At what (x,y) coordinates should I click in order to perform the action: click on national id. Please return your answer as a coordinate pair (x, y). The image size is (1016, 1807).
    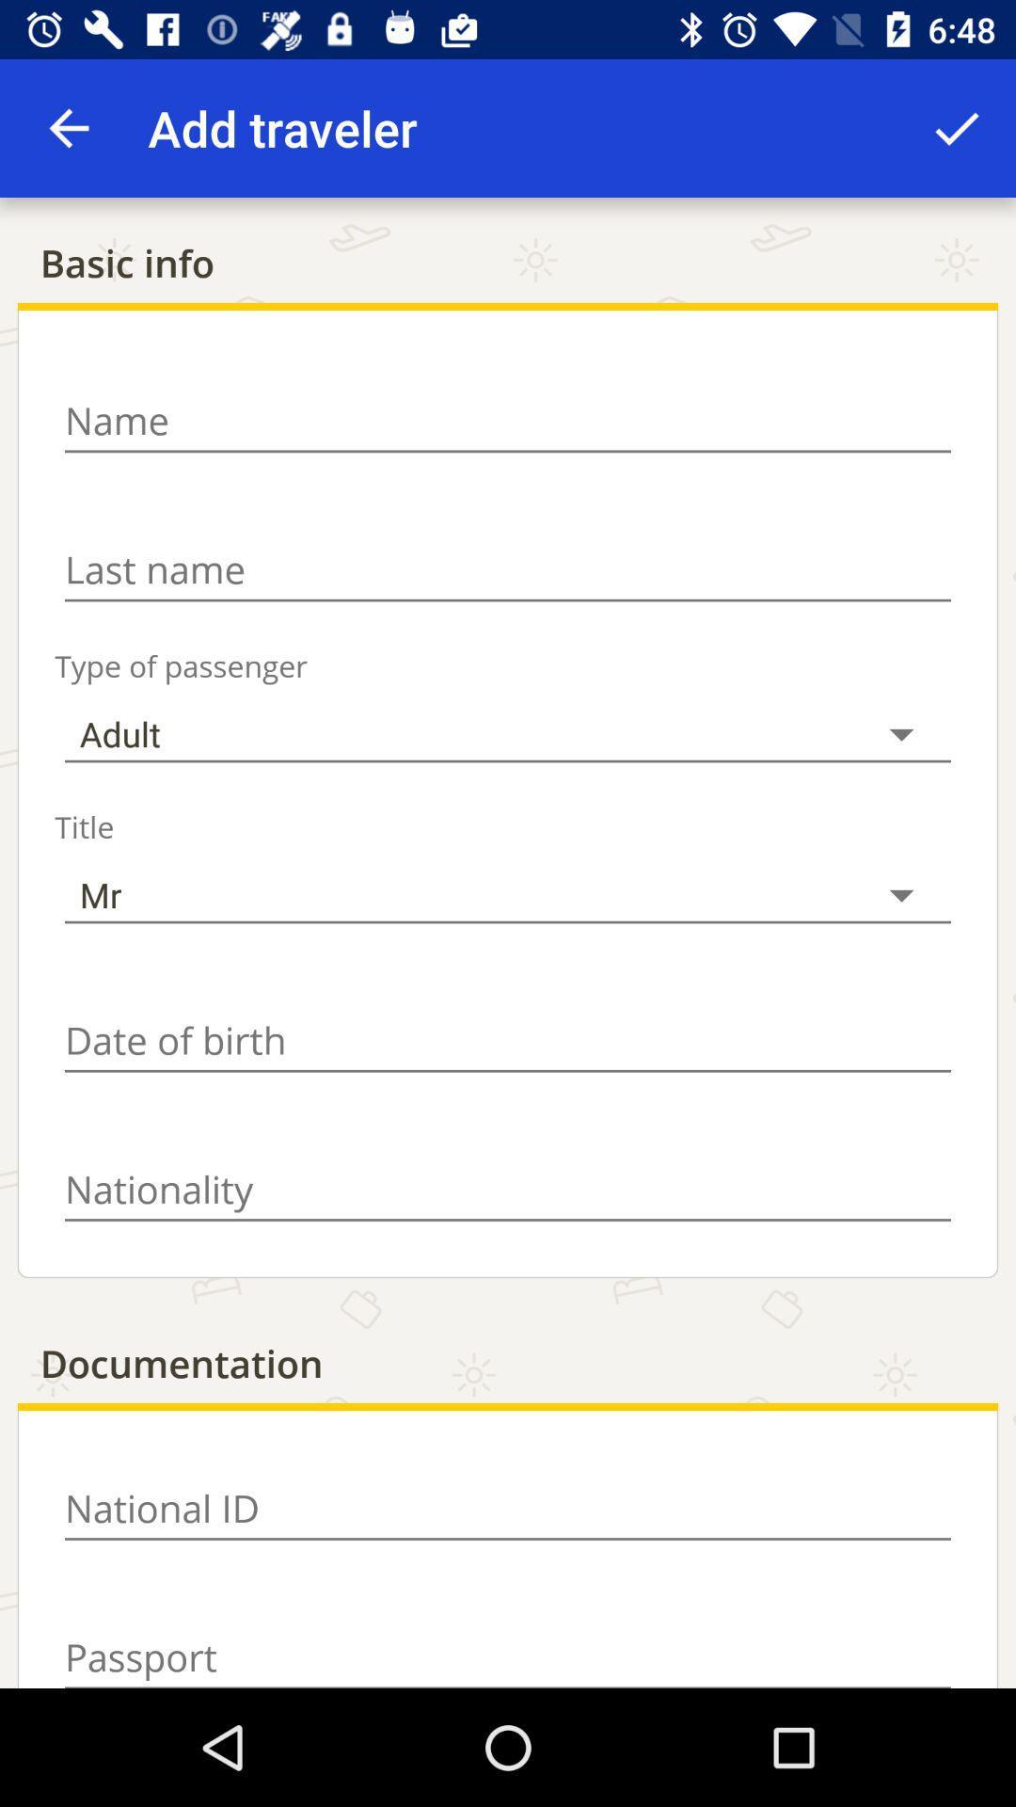
    Looking at the image, I should click on (508, 1509).